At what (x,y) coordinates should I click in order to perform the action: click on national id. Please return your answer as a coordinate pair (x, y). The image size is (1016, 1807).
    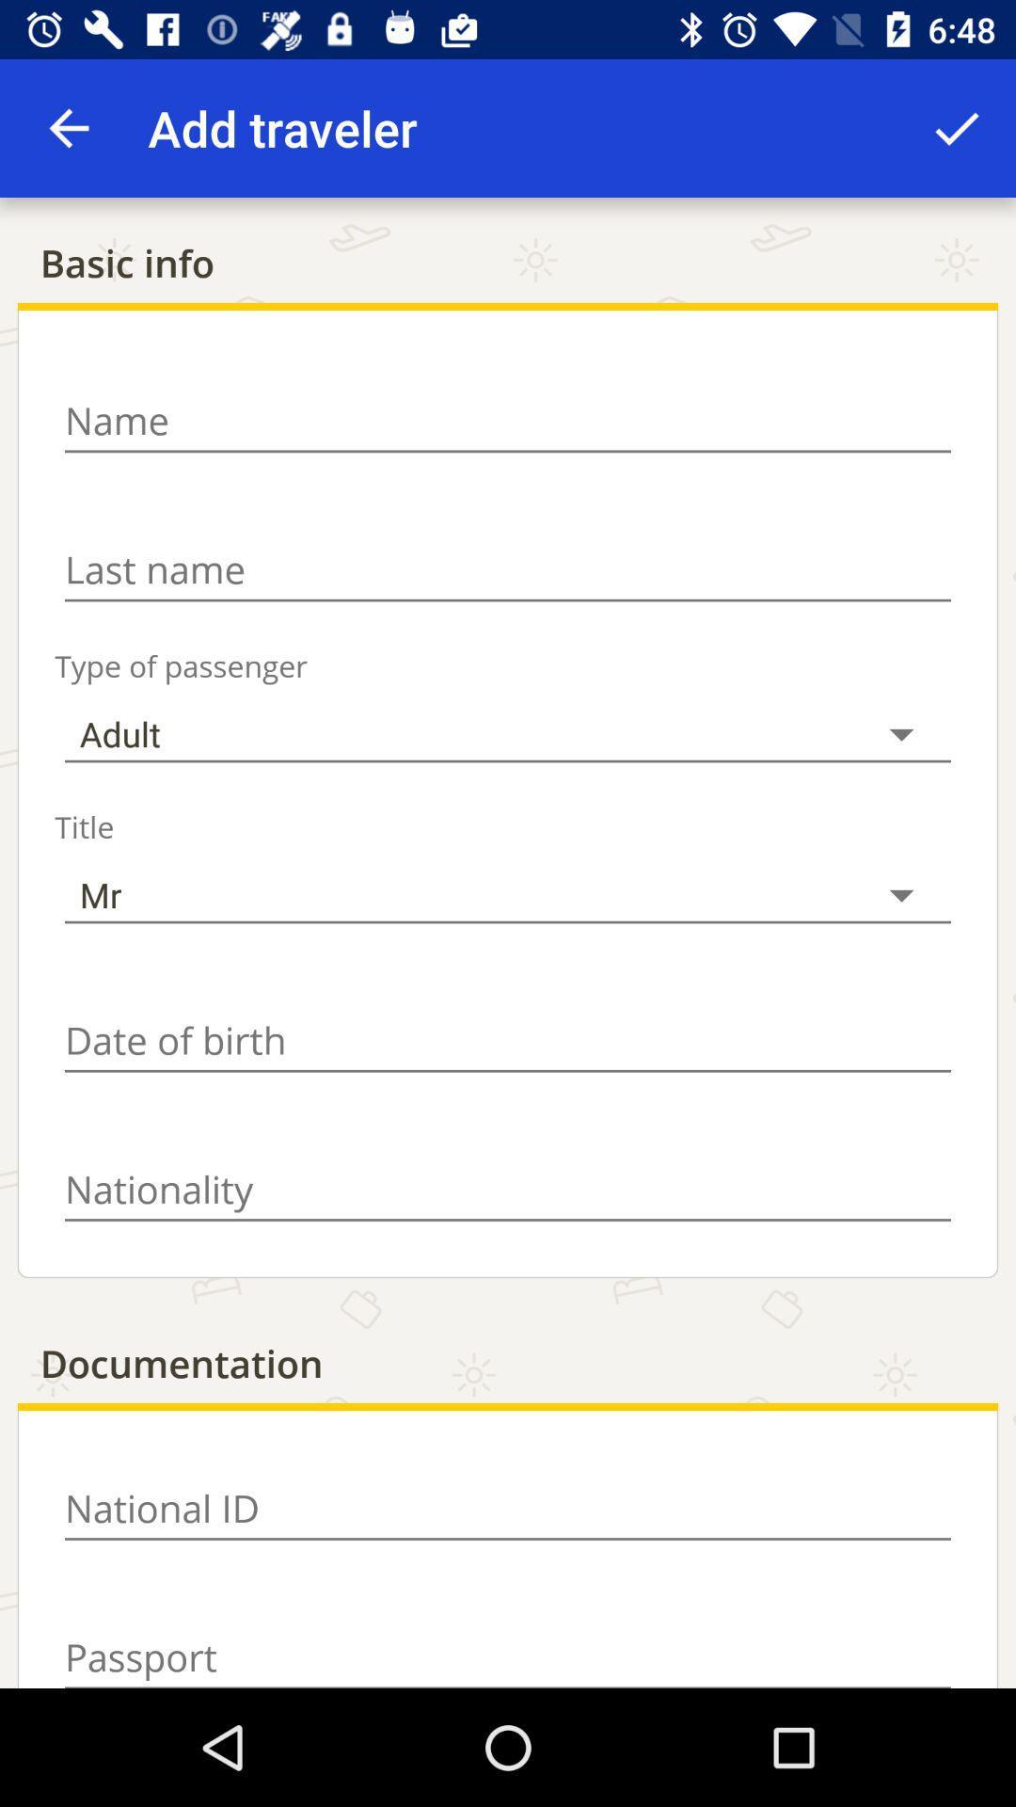
    Looking at the image, I should click on (508, 1509).